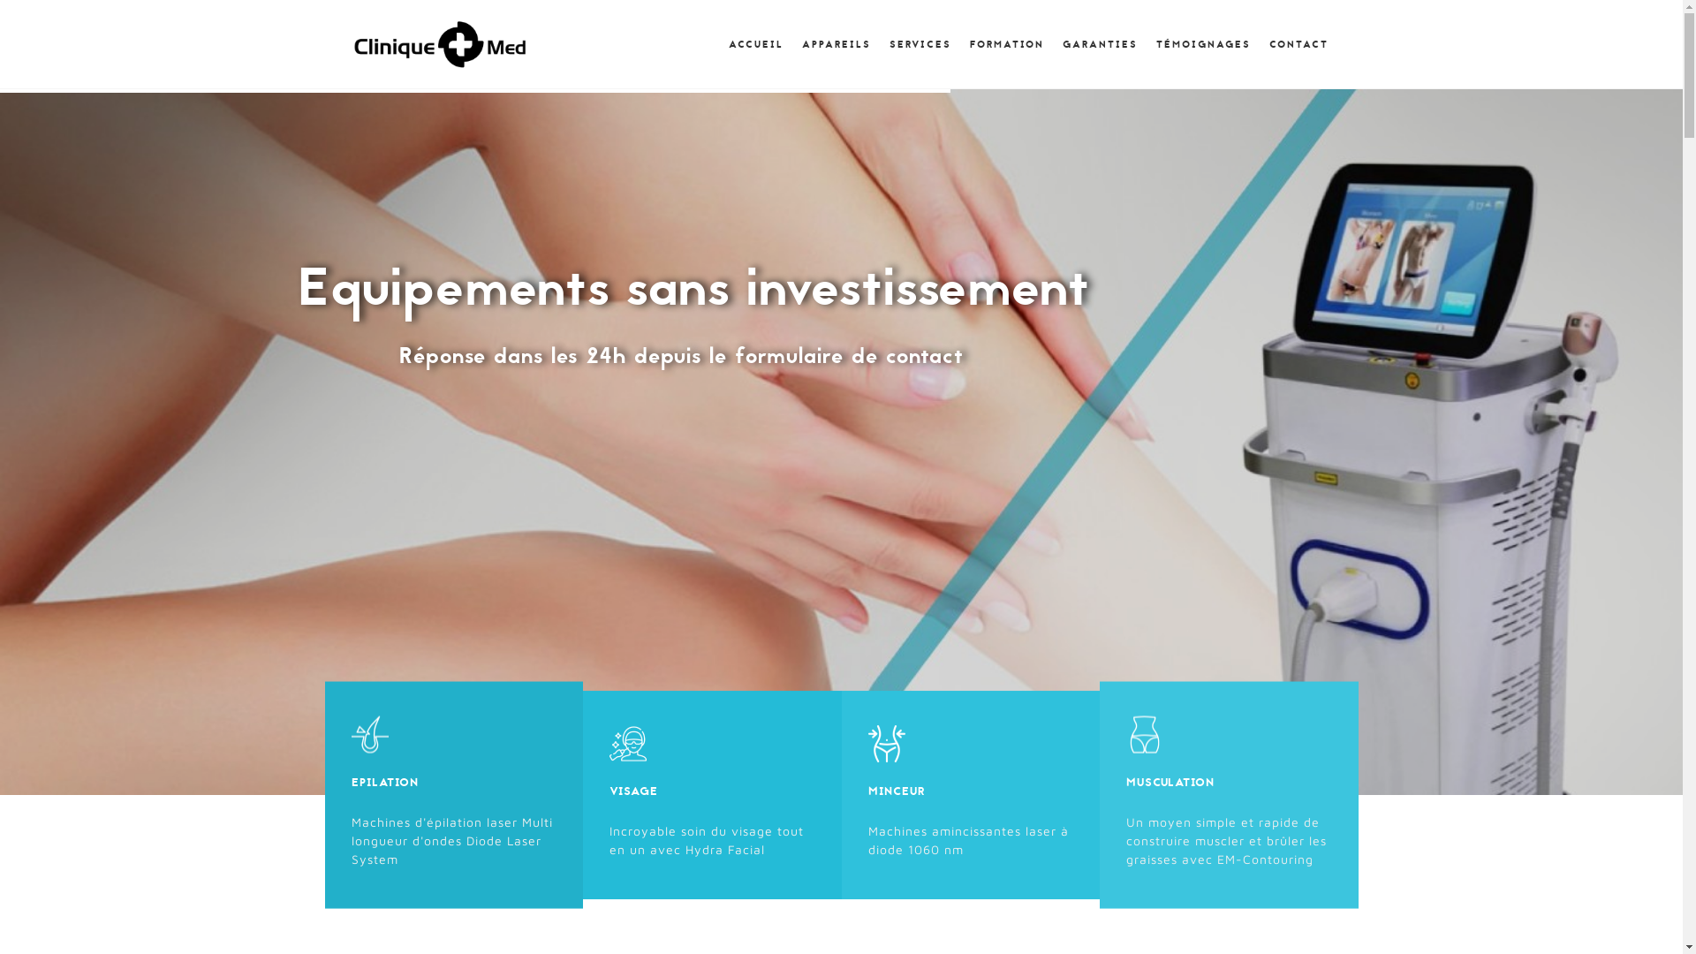 The width and height of the screenshot is (1696, 954). What do you see at coordinates (754, 43) in the screenshot?
I see `'ACCUEIL'` at bounding box center [754, 43].